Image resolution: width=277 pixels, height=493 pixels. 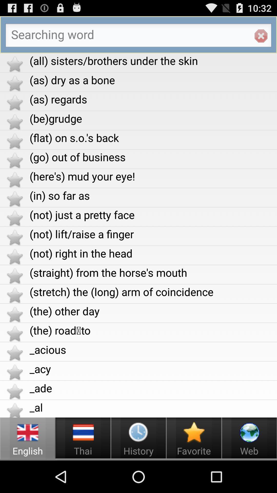 I want to click on app above straight from the app, so click(x=153, y=253).